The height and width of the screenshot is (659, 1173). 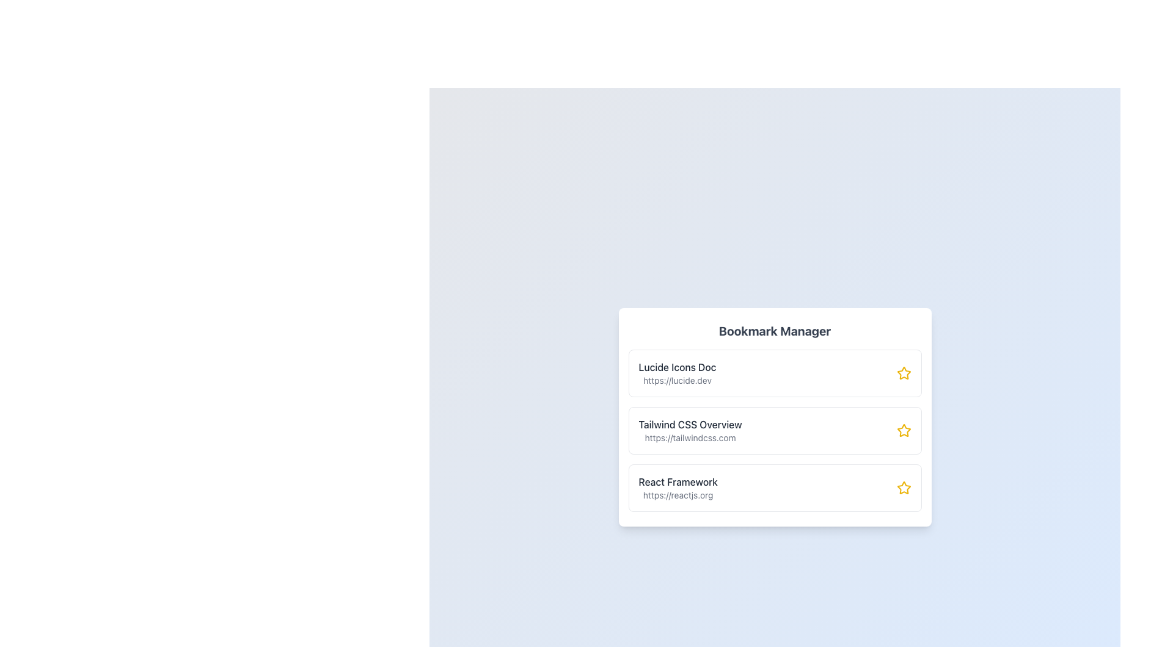 What do you see at coordinates (690, 423) in the screenshot?
I see `the text label that identifies the bookmarked URL in the 'Bookmark Manager' interface, specifically the second item in the list above the link 'https://tailwindcss.com'` at bounding box center [690, 423].